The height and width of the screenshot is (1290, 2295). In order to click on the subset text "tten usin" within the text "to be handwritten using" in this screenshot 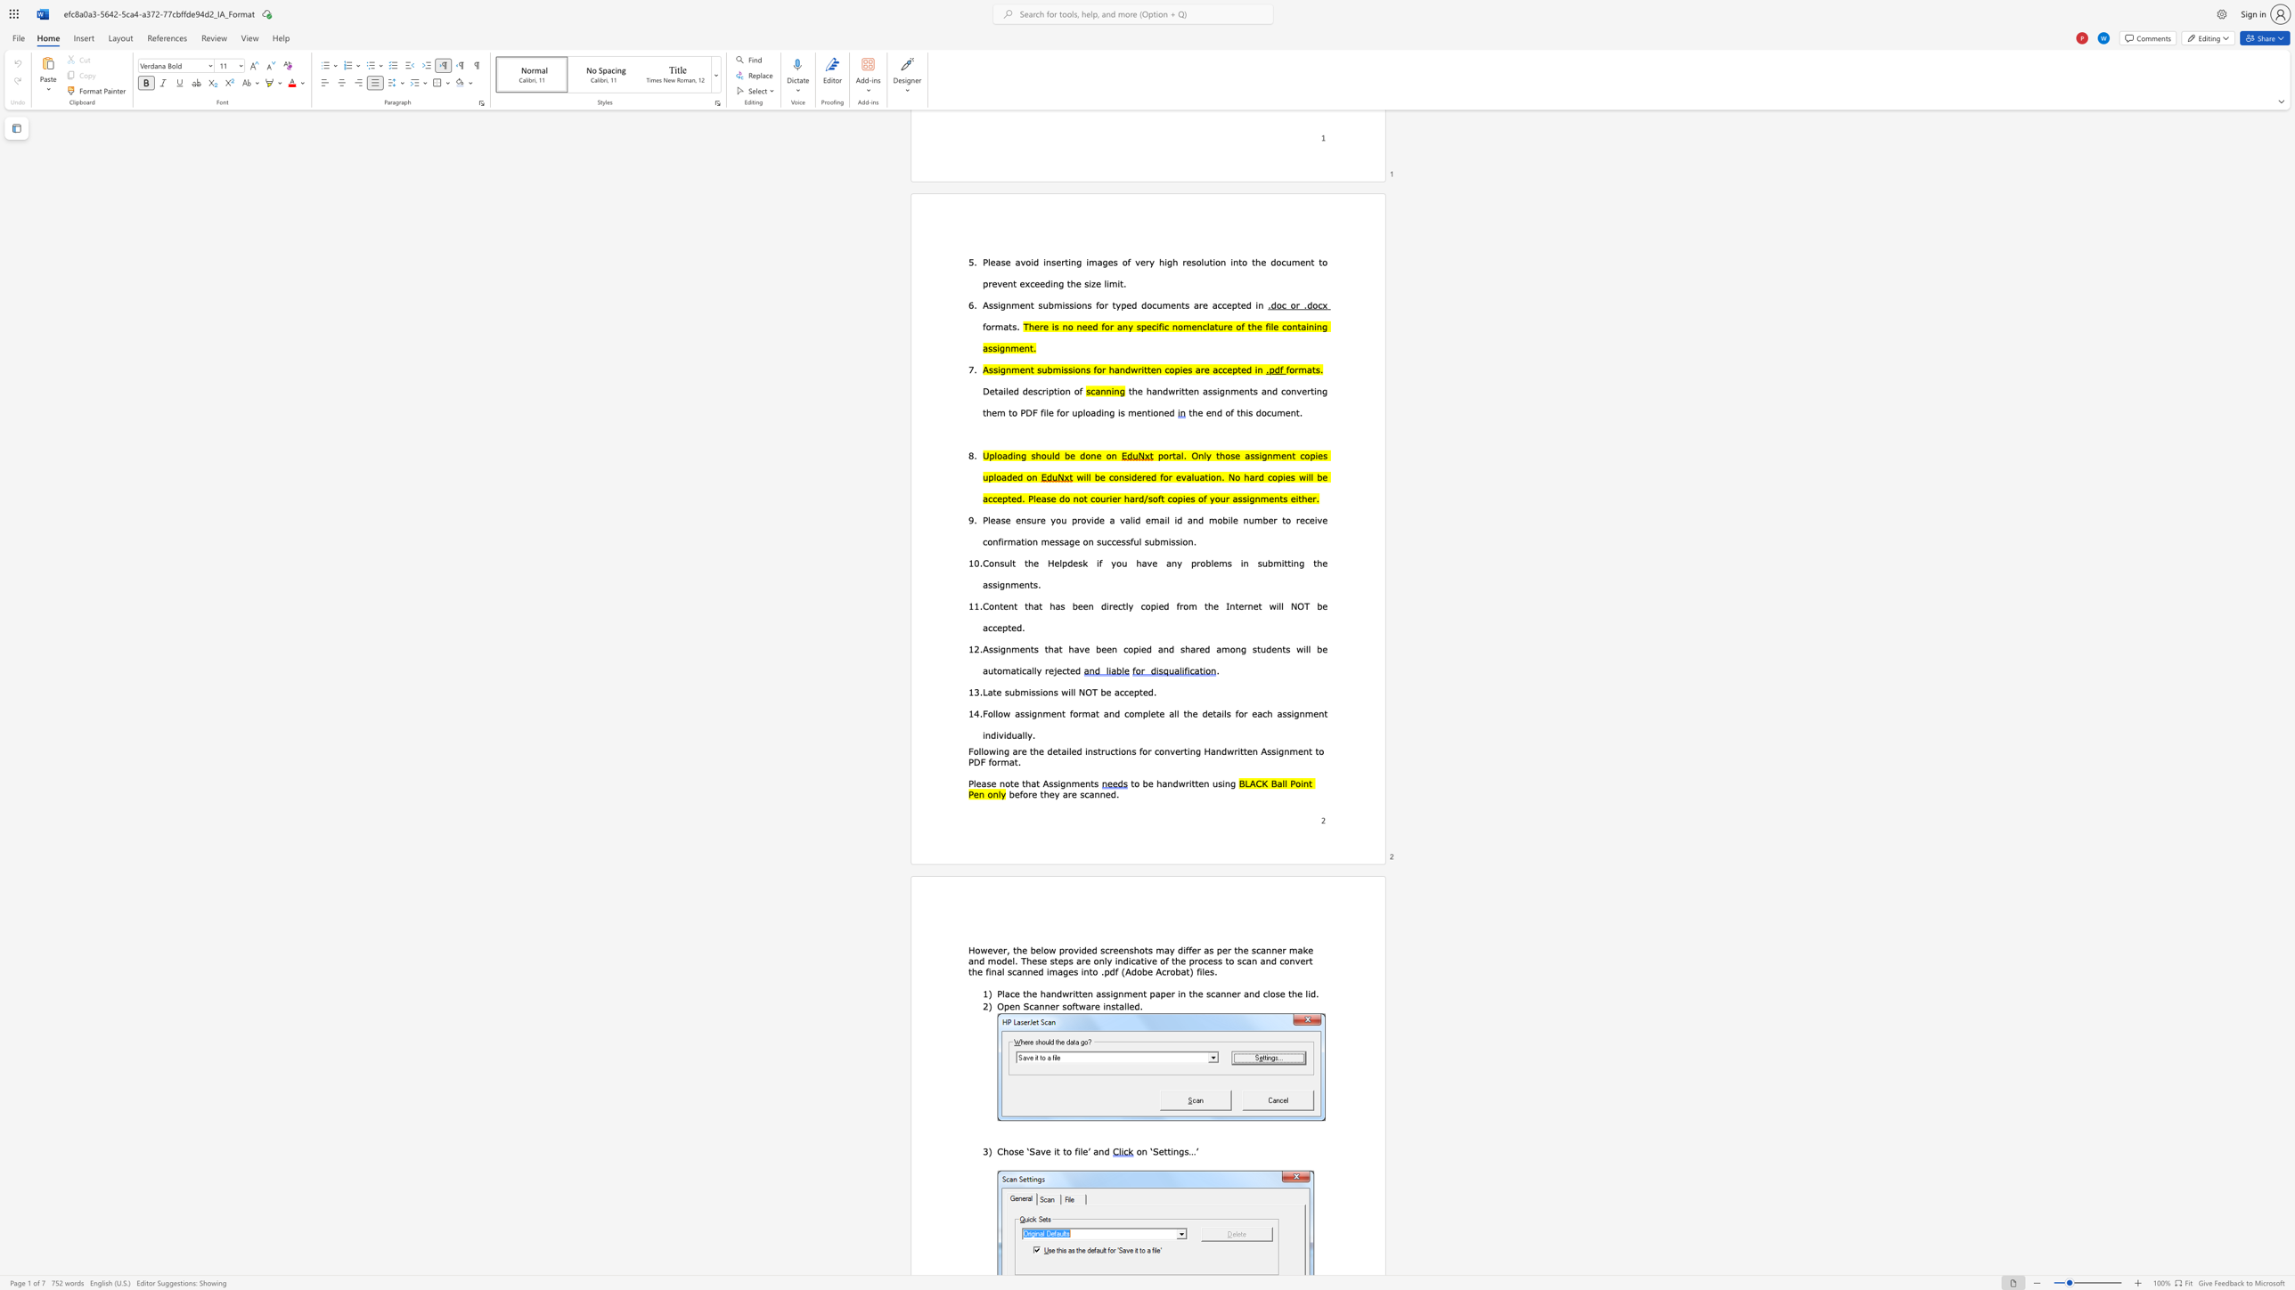, I will do `click(1190, 782)`.